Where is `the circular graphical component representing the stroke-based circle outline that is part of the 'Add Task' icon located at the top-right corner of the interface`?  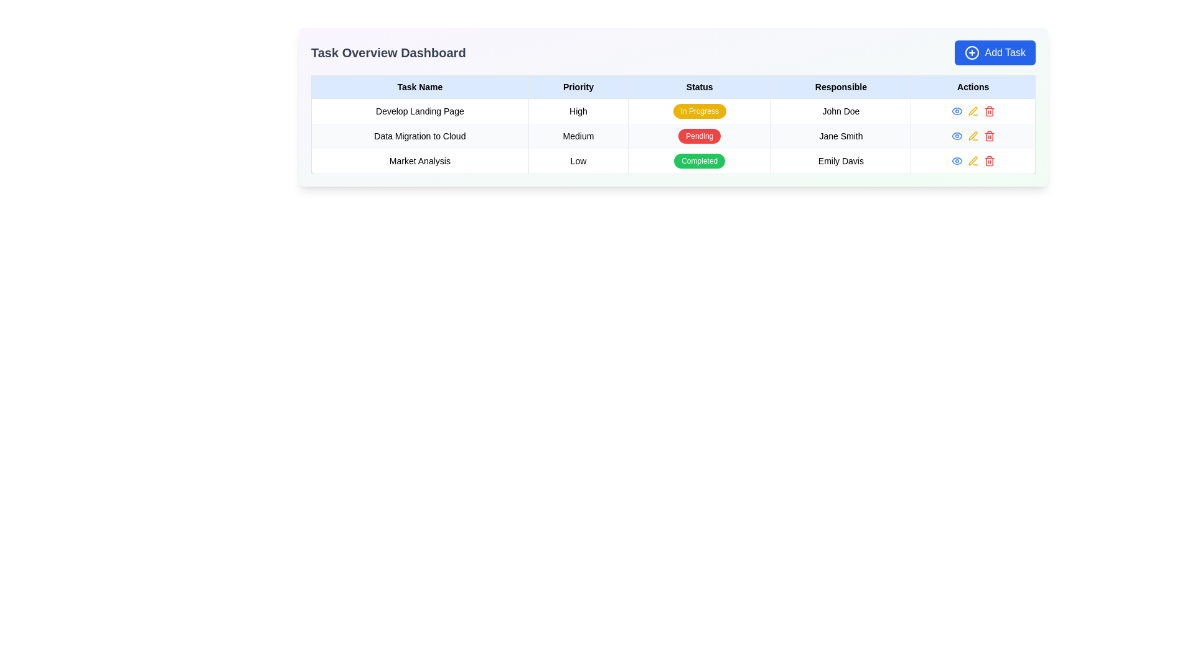 the circular graphical component representing the stroke-based circle outline that is part of the 'Add Task' icon located at the top-right corner of the interface is located at coordinates (972, 52).